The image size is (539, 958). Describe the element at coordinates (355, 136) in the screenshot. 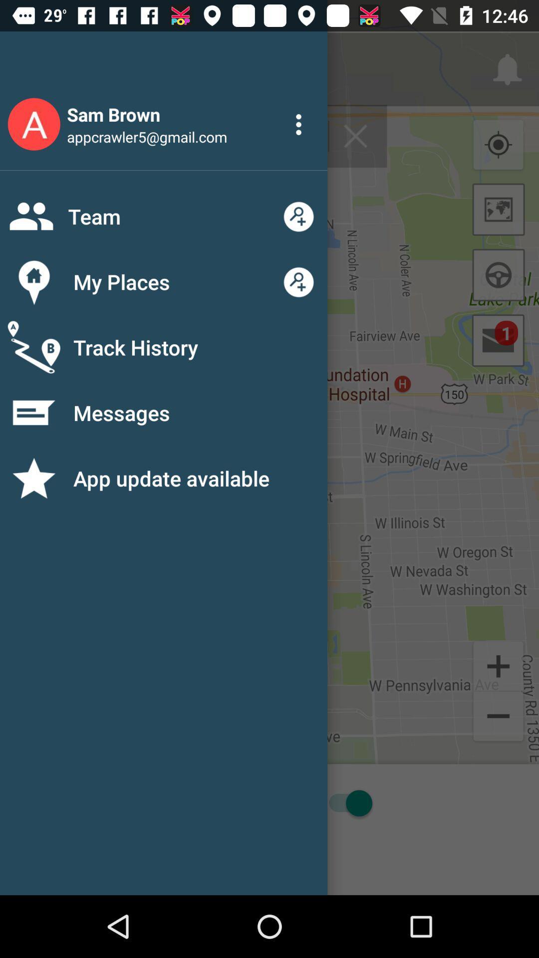

I see `the close icon` at that location.